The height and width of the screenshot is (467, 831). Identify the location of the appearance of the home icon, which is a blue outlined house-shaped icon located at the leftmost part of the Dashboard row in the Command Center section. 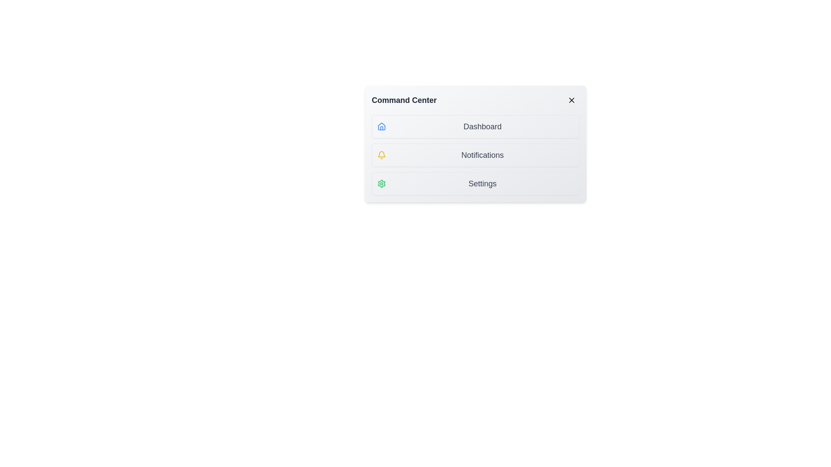
(381, 127).